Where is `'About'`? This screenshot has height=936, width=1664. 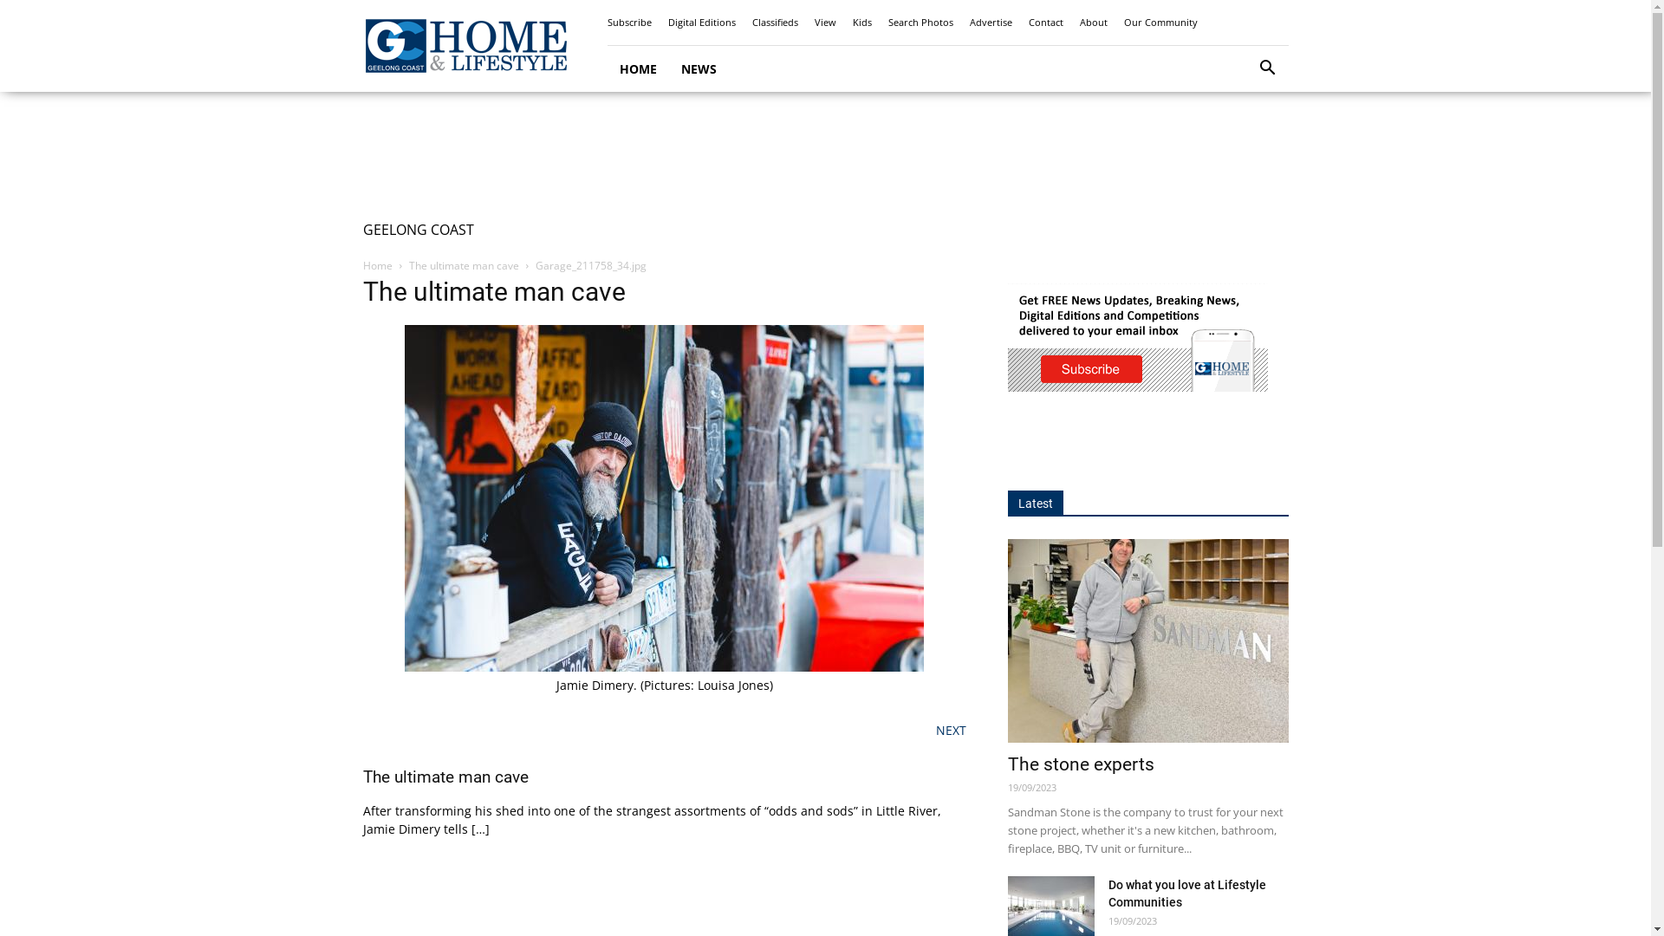 'About' is located at coordinates (1093, 22).